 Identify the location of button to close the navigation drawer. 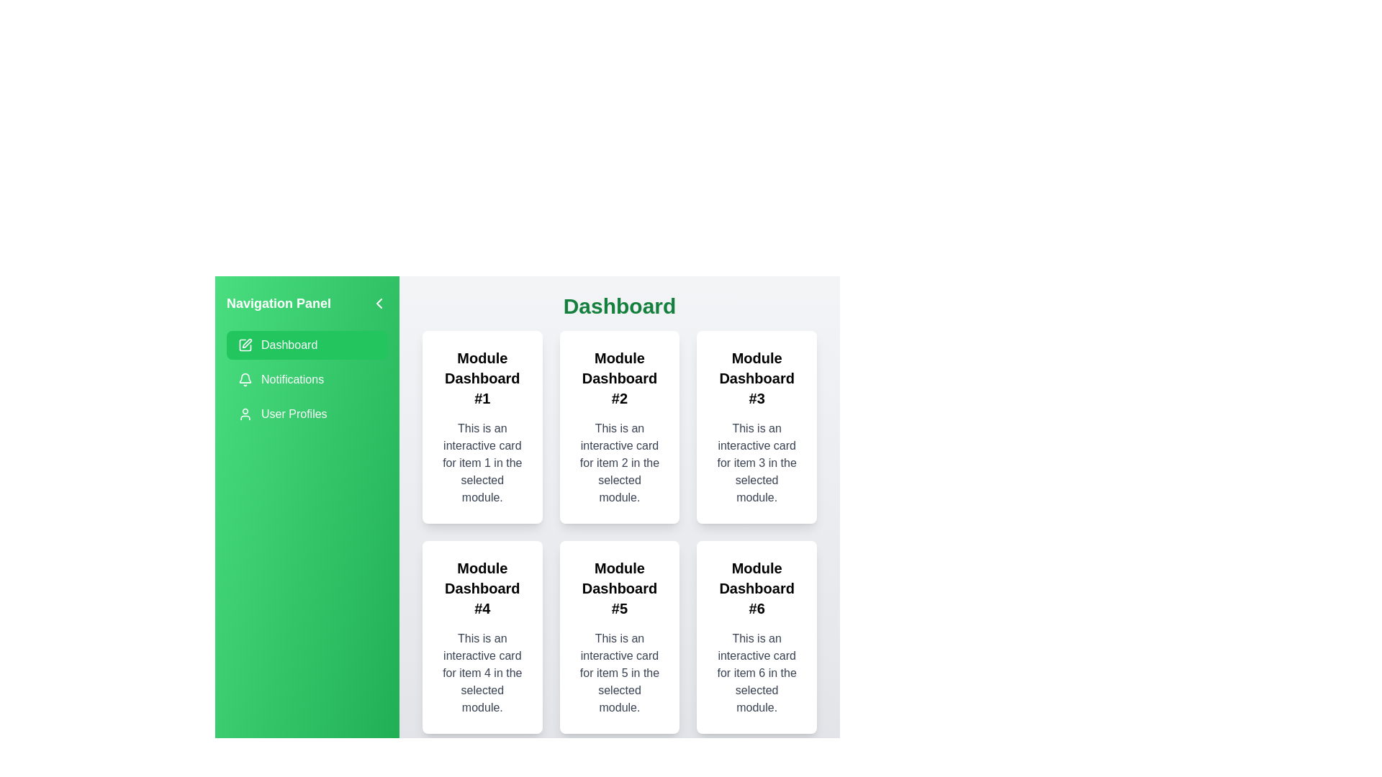
(379, 302).